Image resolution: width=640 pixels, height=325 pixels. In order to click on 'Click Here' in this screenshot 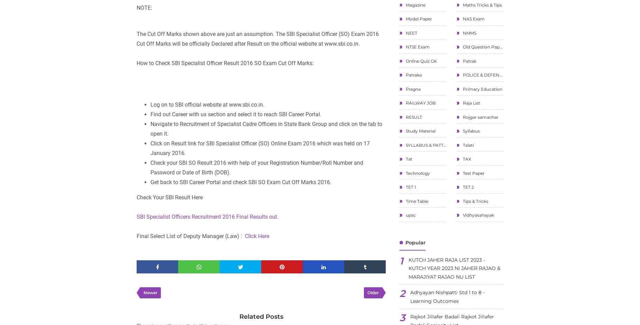, I will do `click(256, 236)`.